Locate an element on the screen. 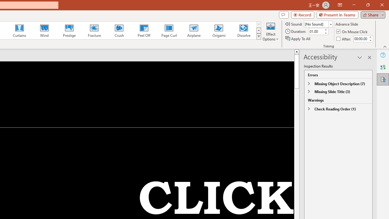 The image size is (389, 219). 'Translator' is located at coordinates (383, 67).